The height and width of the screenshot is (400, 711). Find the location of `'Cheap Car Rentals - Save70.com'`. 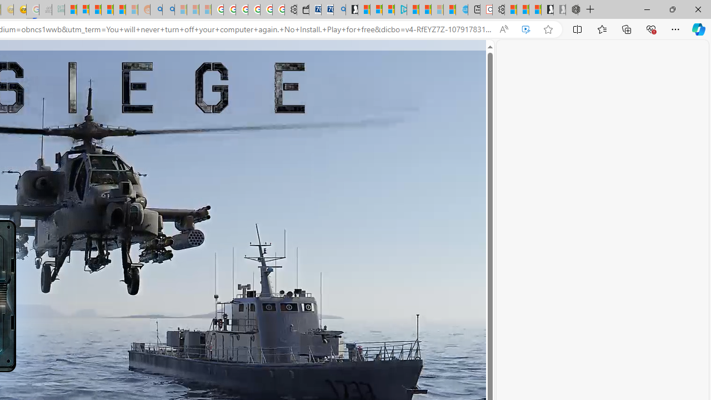

'Cheap Car Rentals - Save70.com' is located at coordinates (327, 9).